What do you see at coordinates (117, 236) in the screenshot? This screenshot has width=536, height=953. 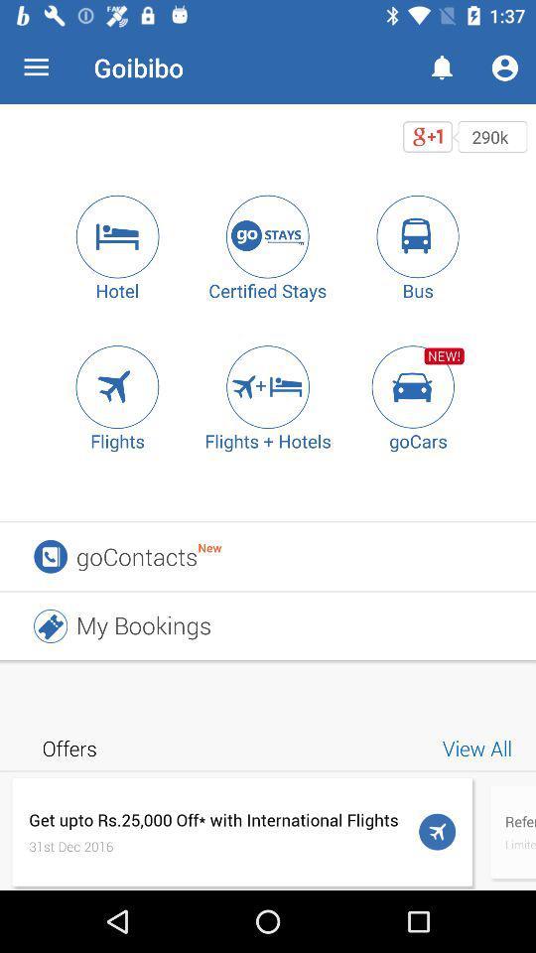 I see `search hotels` at bounding box center [117, 236].